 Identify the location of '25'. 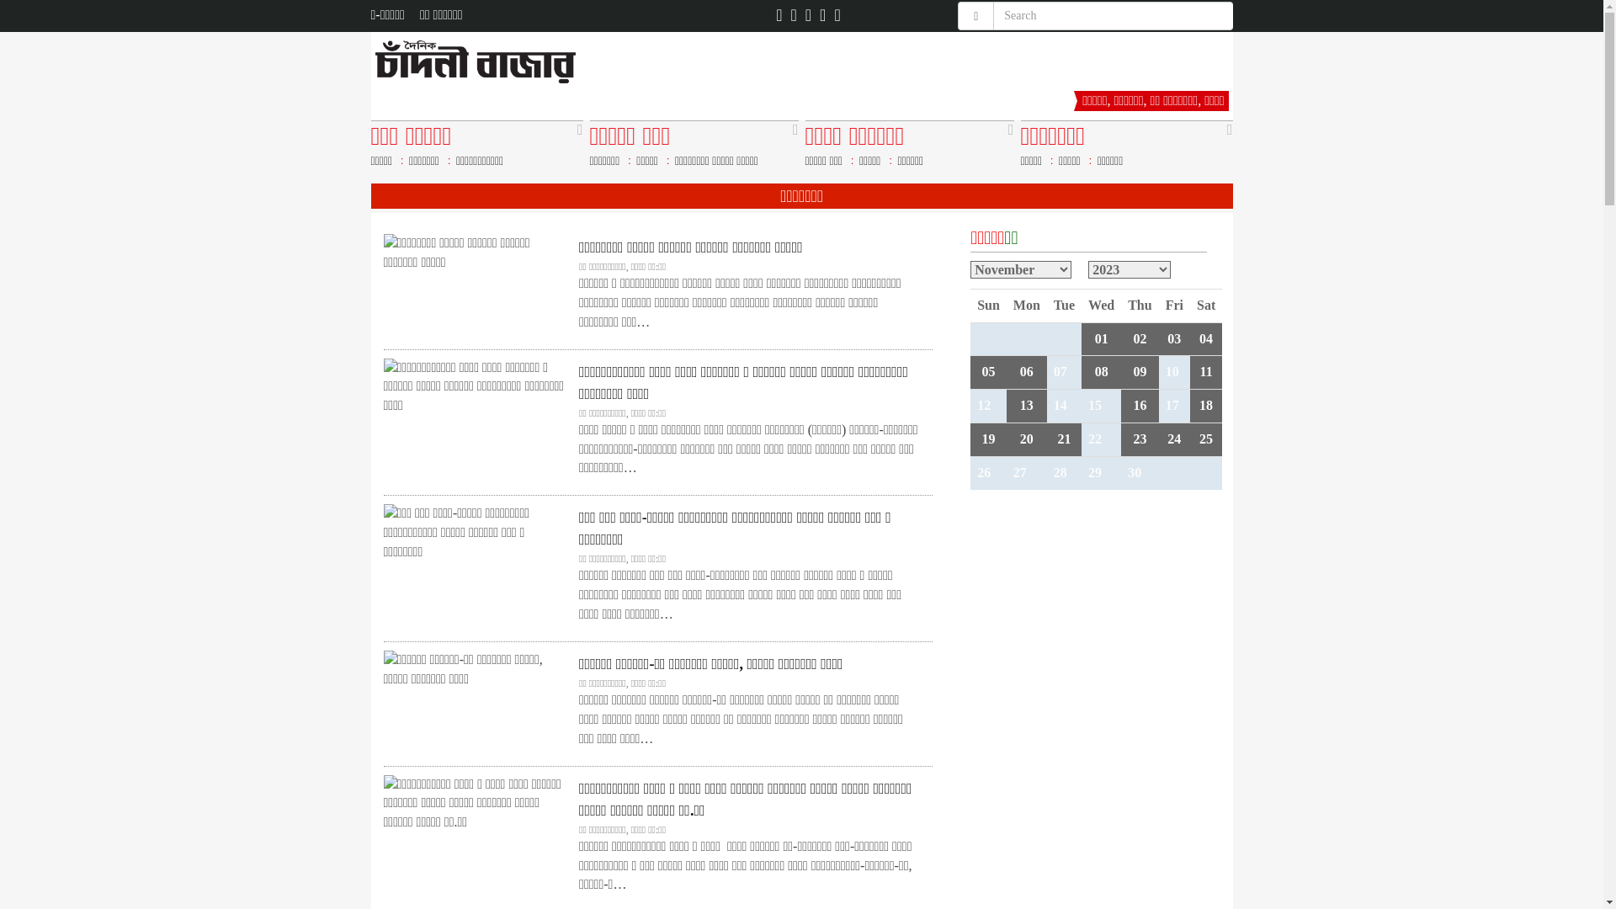
(1199, 438).